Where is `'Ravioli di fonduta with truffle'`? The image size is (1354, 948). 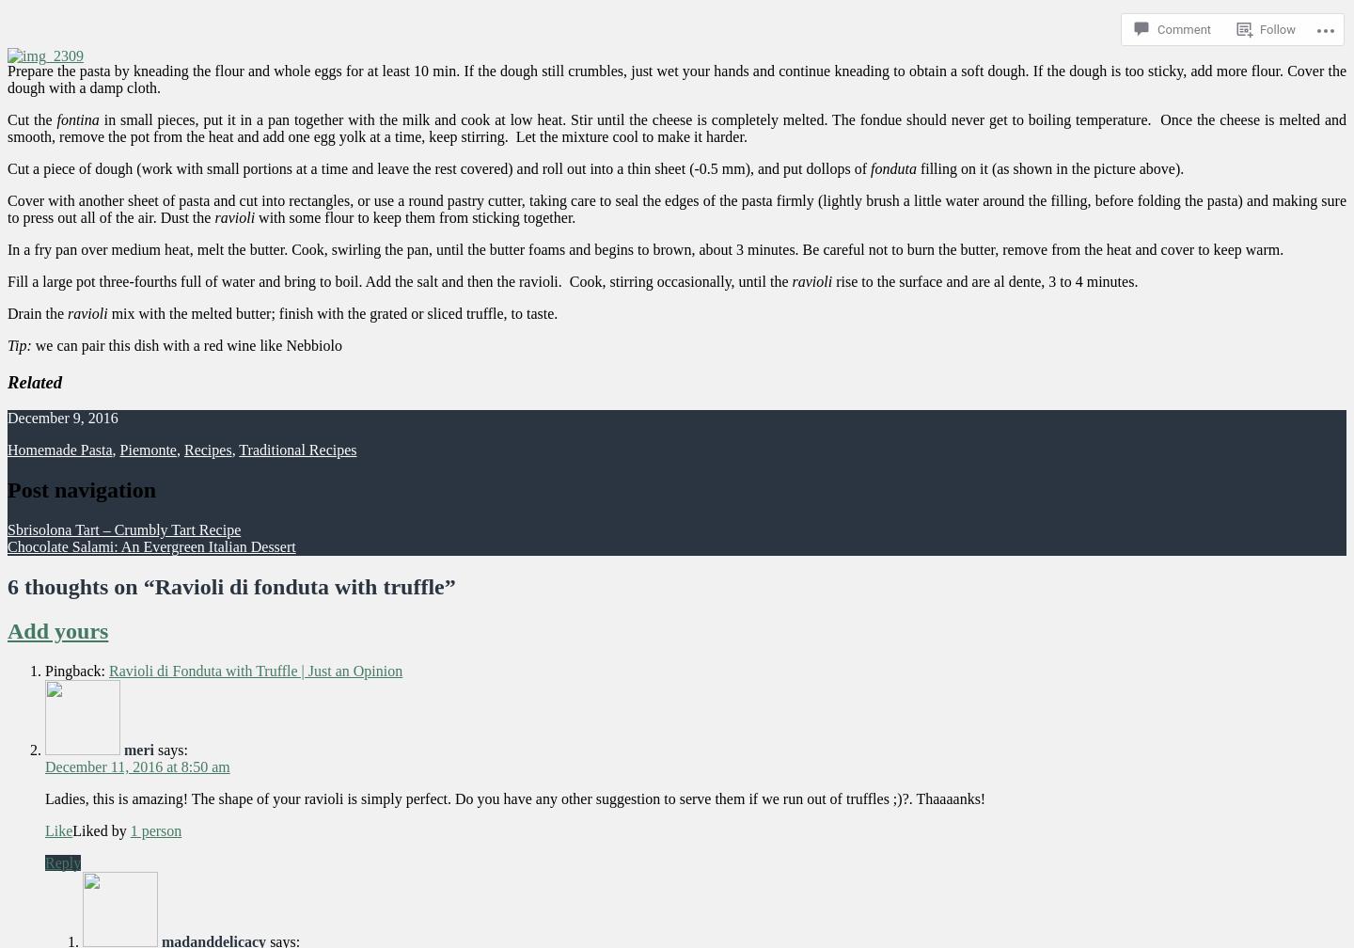
'Ravioli di fonduta with truffle' is located at coordinates (298, 586).